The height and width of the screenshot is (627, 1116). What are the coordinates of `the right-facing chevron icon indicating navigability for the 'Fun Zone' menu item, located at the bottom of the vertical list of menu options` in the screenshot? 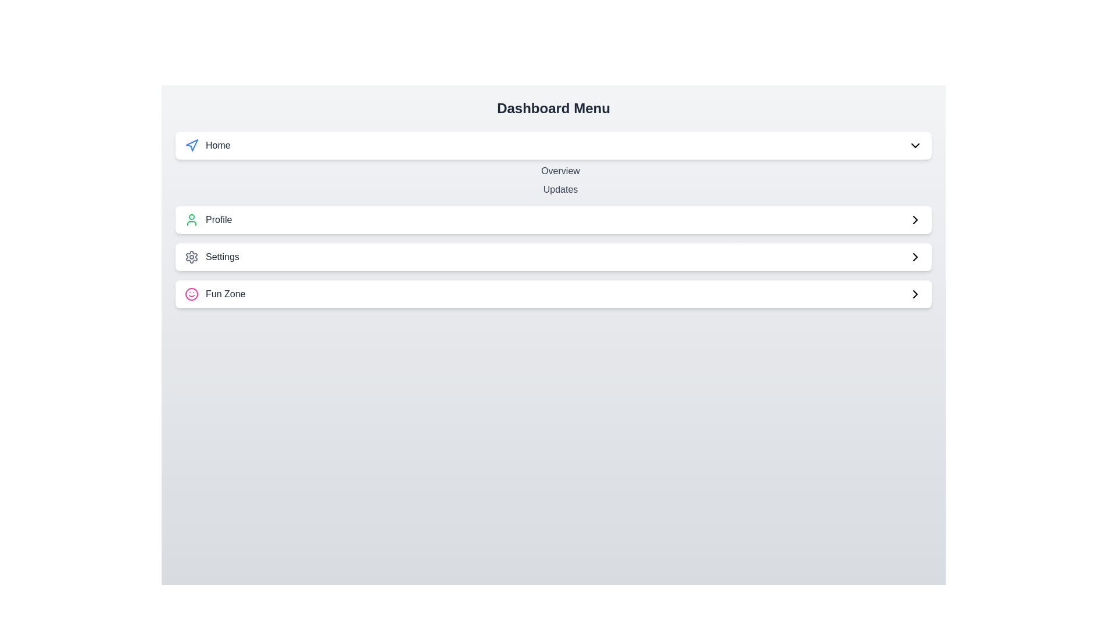 It's located at (914, 293).